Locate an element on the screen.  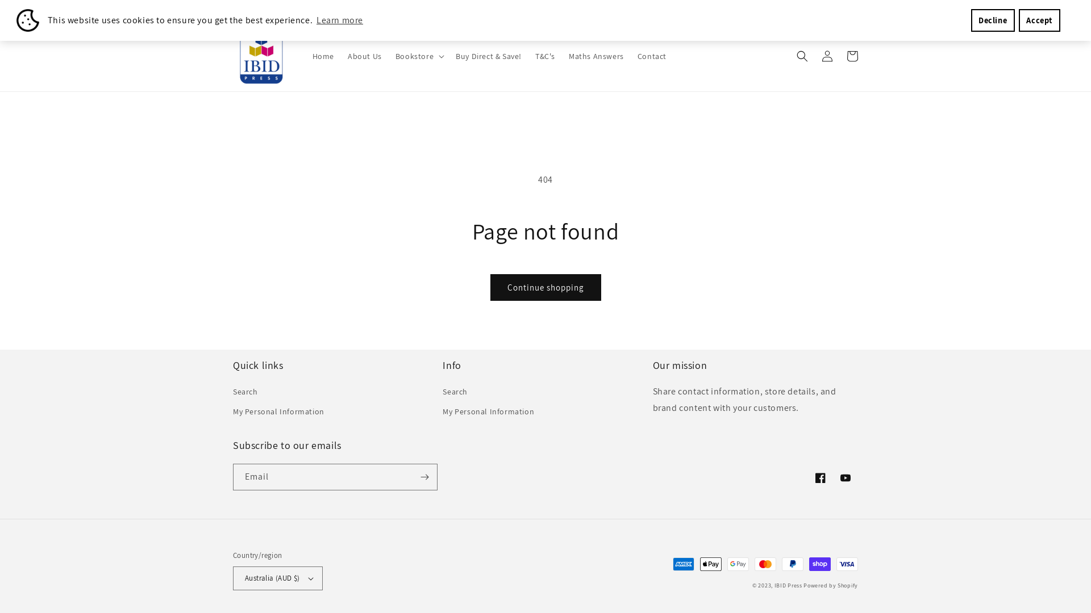
'YouTube' is located at coordinates (846, 477).